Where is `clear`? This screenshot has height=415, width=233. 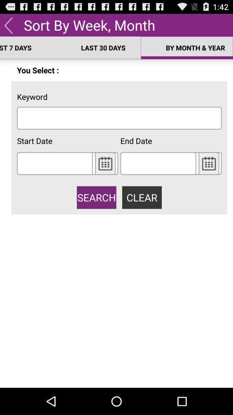
clear is located at coordinates (142, 197).